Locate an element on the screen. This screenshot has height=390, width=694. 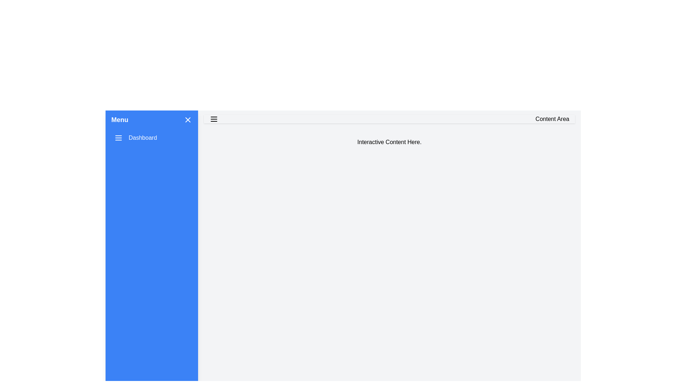
the menu button in the content area to open the sidebar is located at coordinates (213, 119).